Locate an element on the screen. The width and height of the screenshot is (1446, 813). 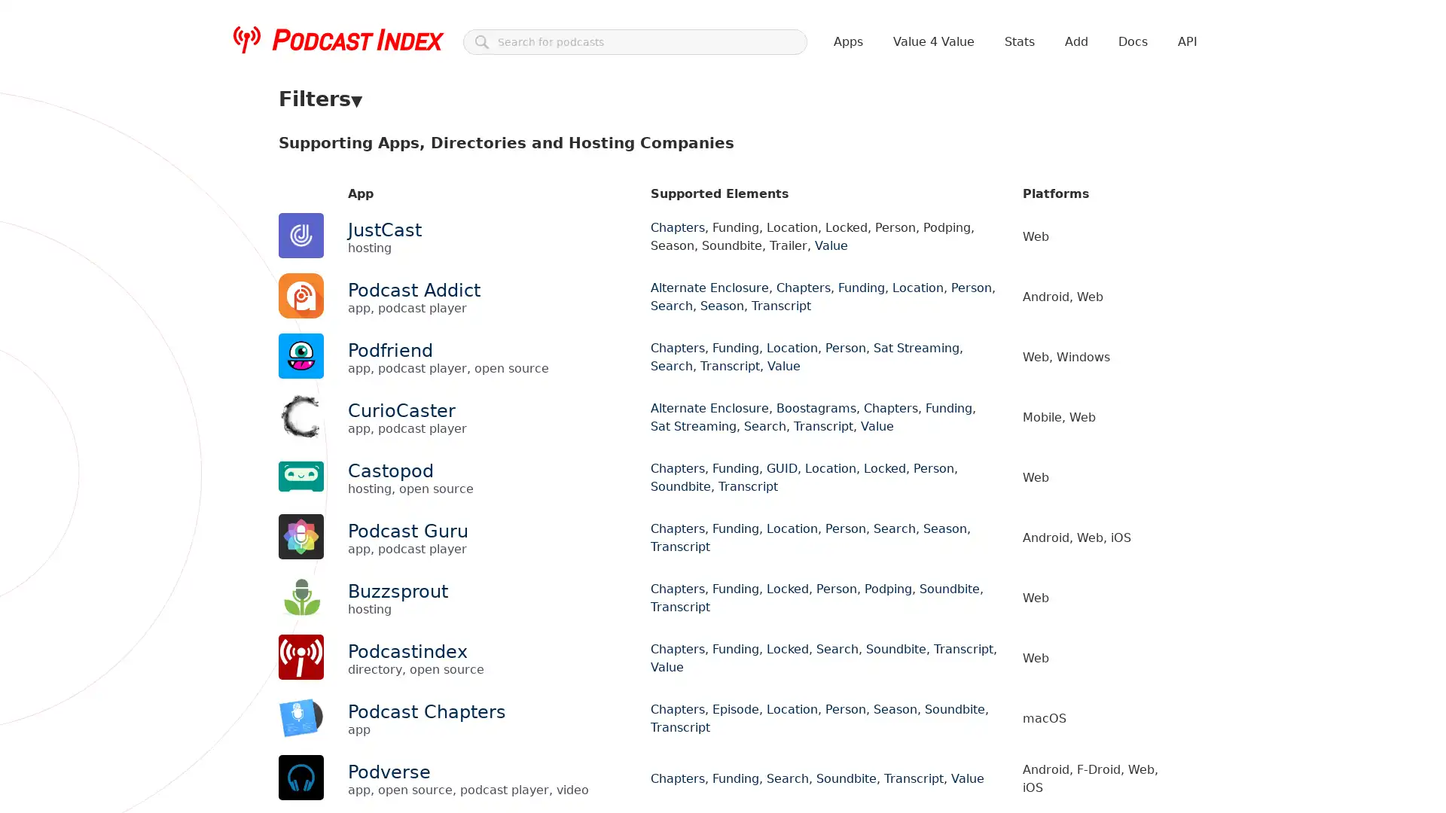
Person is located at coordinates (871, 227).